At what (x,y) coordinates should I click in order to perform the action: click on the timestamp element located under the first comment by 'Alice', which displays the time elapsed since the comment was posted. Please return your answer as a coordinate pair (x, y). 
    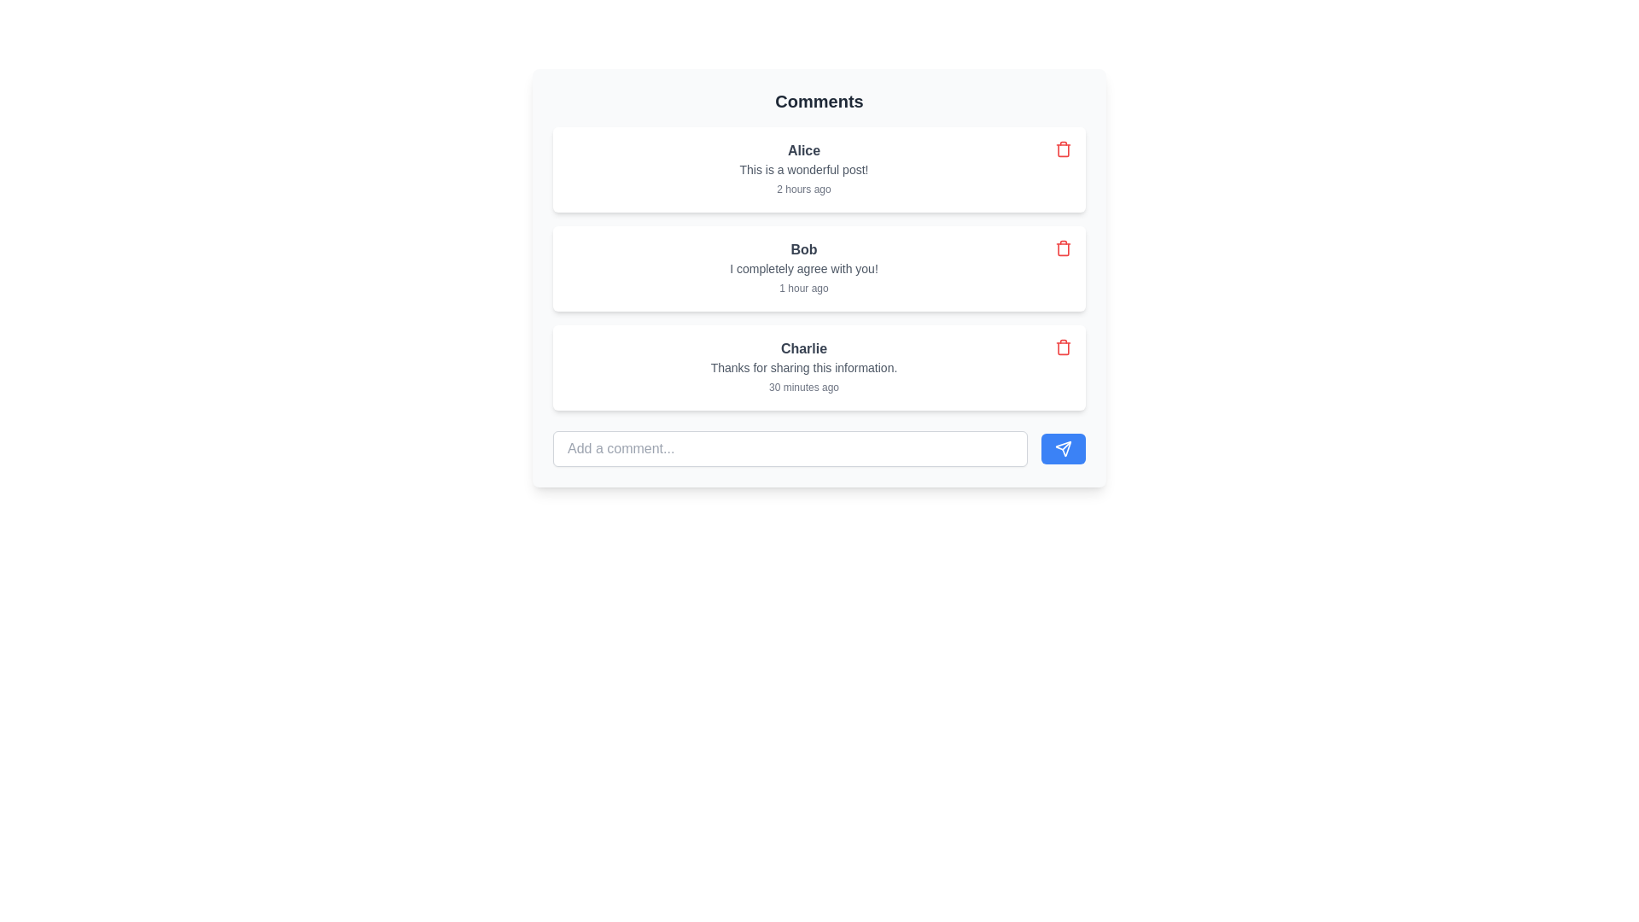
    Looking at the image, I should click on (802, 190).